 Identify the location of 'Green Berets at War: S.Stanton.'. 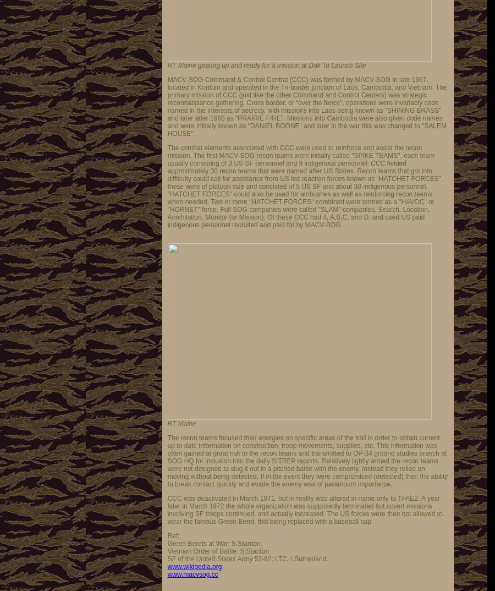
(167, 543).